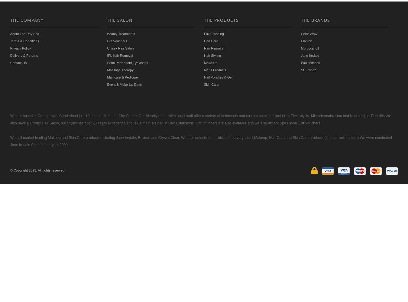 The image size is (408, 302). What do you see at coordinates (26, 19) in the screenshot?
I see `'THE COMPANY'` at bounding box center [26, 19].